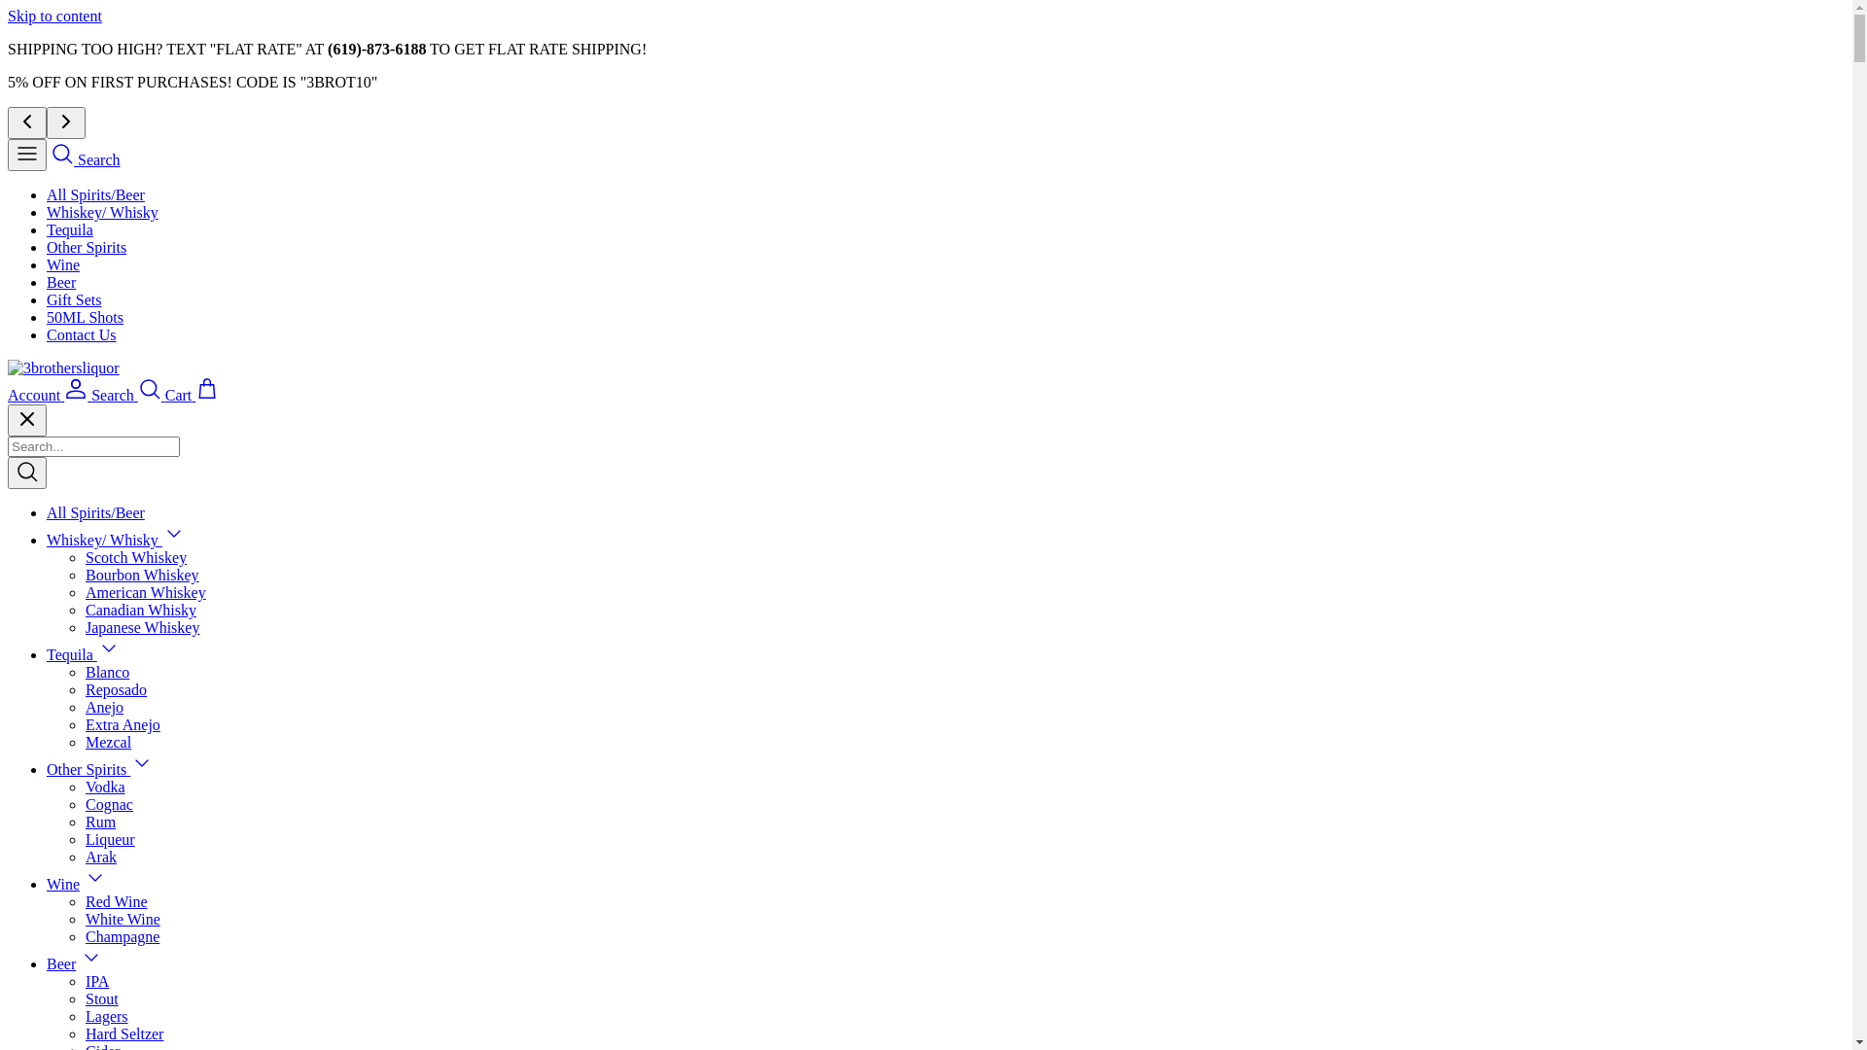  I want to click on 'Wine', so click(63, 264).